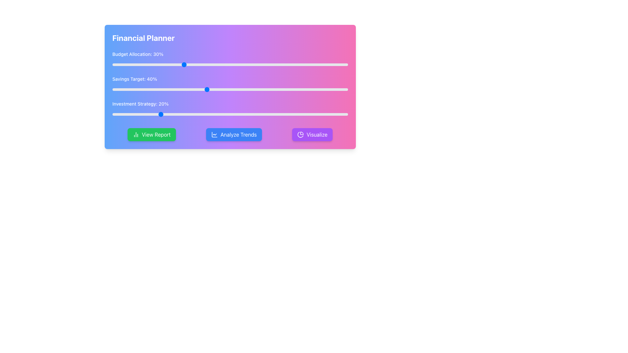  What do you see at coordinates (238, 134) in the screenshot?
I see `the text label of the button located at the bottom center of the card interface, which indicates that clicking the button will trigger an action related to analyzing trends` at bounding box center [238, 134].